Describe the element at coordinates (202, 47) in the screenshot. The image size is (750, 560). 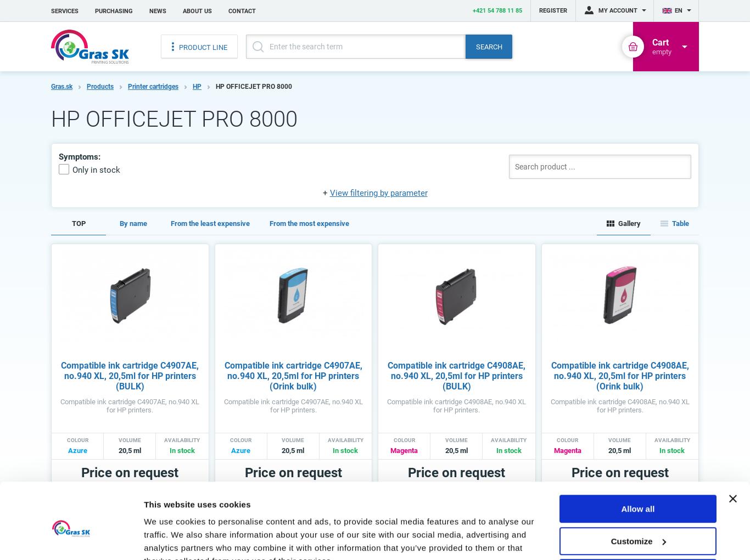
I see `'Product line'` at that location.